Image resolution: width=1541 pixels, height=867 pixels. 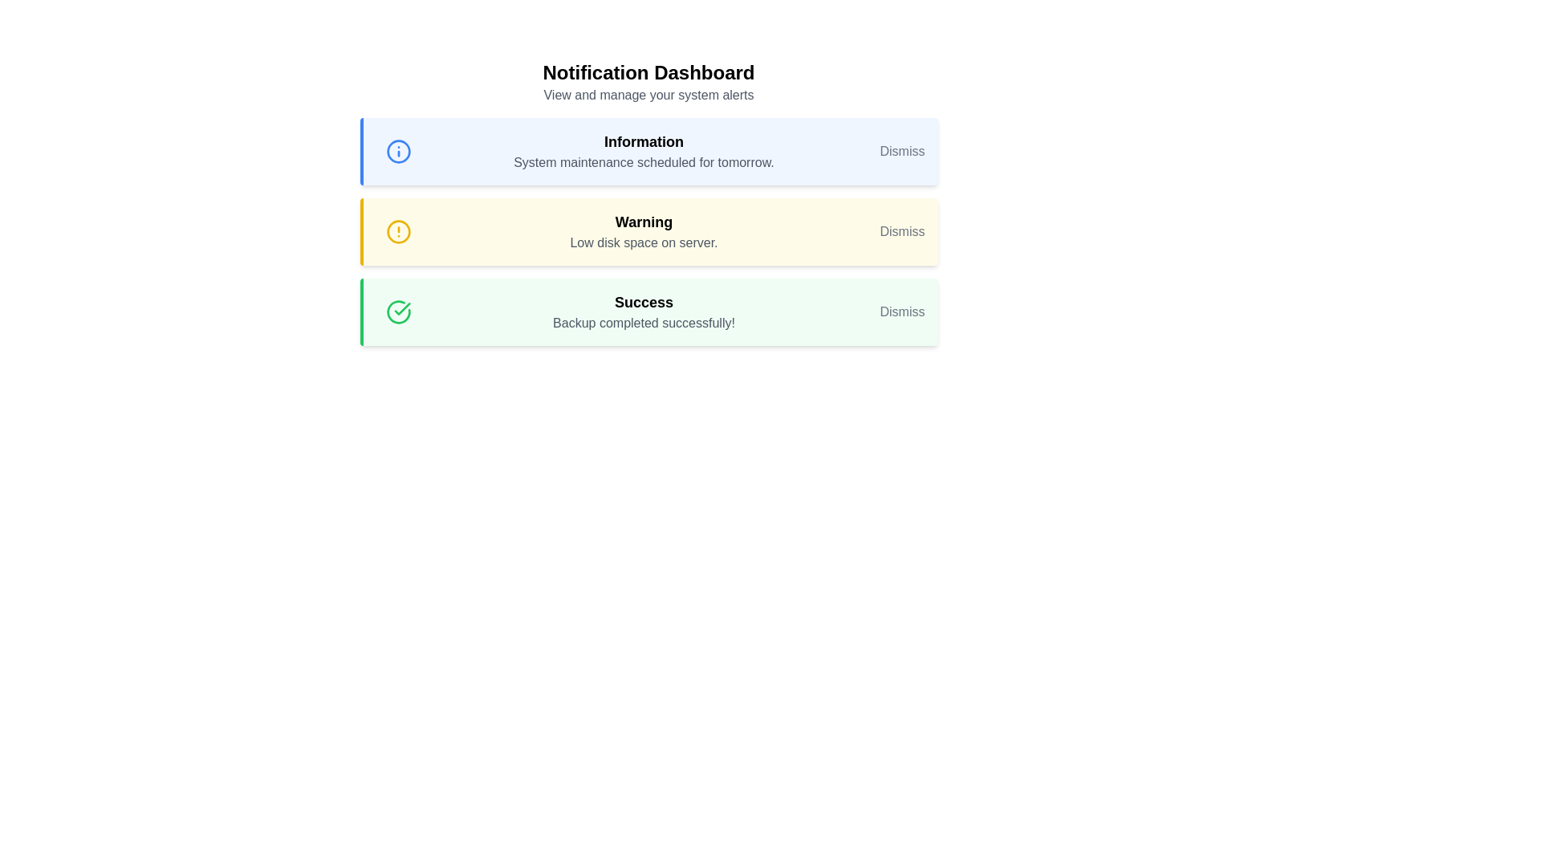 What do you see at coordinates (649, 73) in the screenshot?
I see `the bold, large-sized text header displaying 'Notification Dashboard' at the top of the interface` at bounding box center [649, 73].